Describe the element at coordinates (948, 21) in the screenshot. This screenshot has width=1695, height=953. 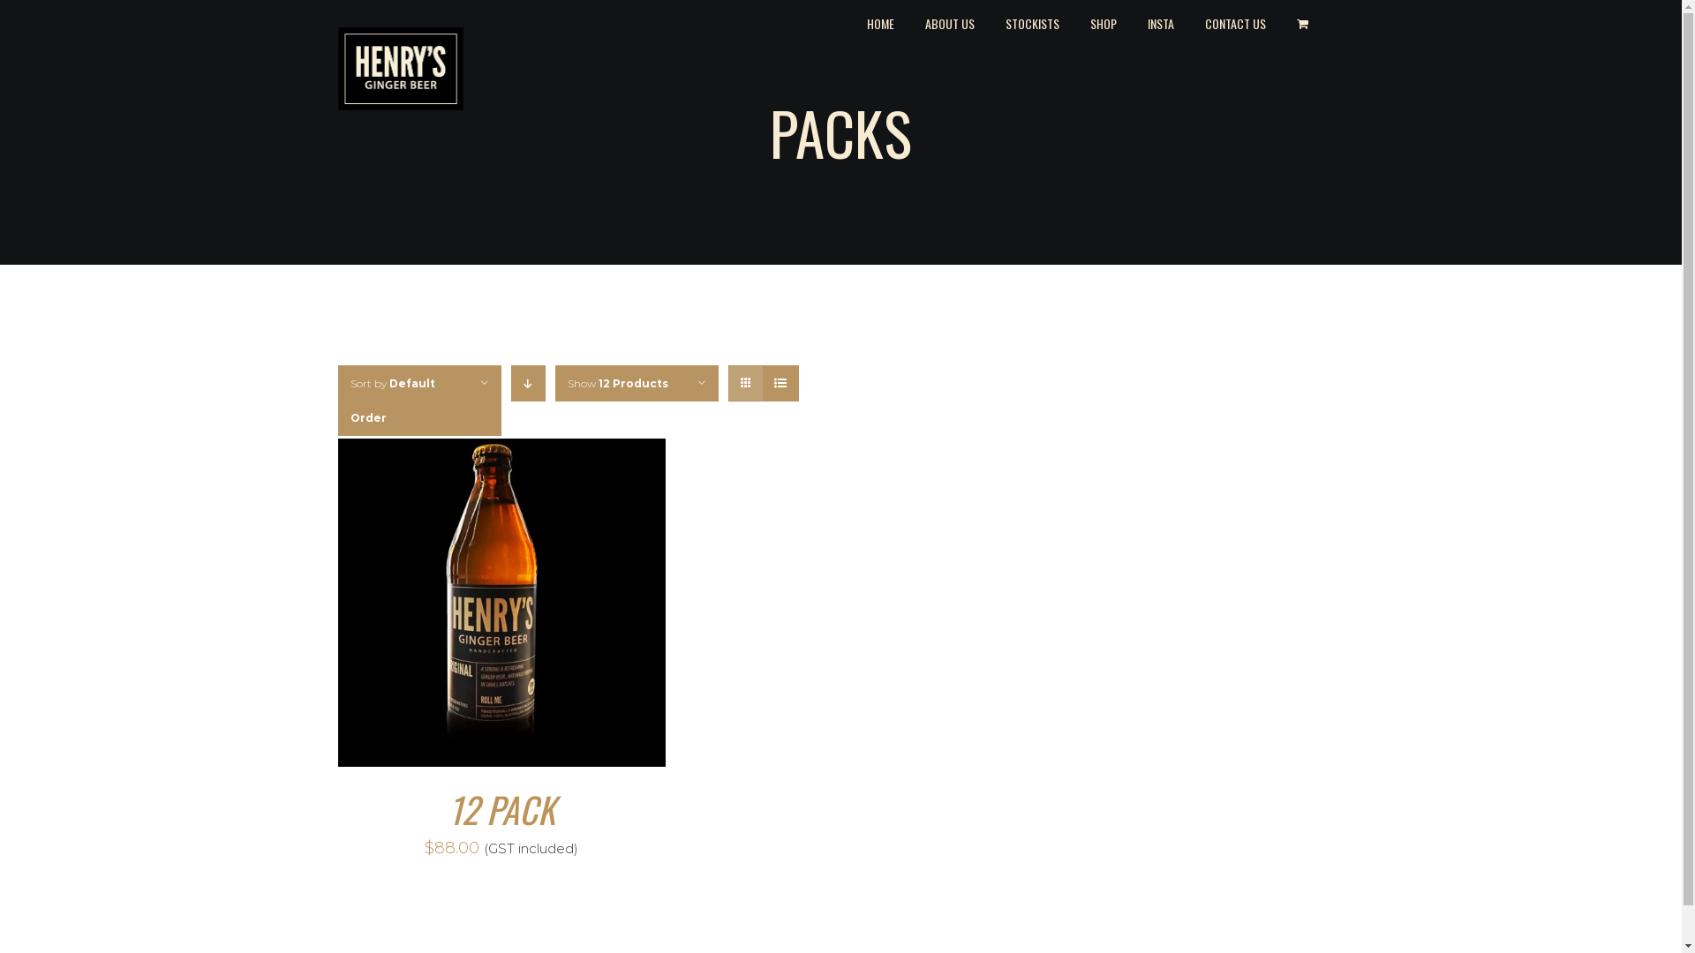
I see `'ABOUT US'` at that location.